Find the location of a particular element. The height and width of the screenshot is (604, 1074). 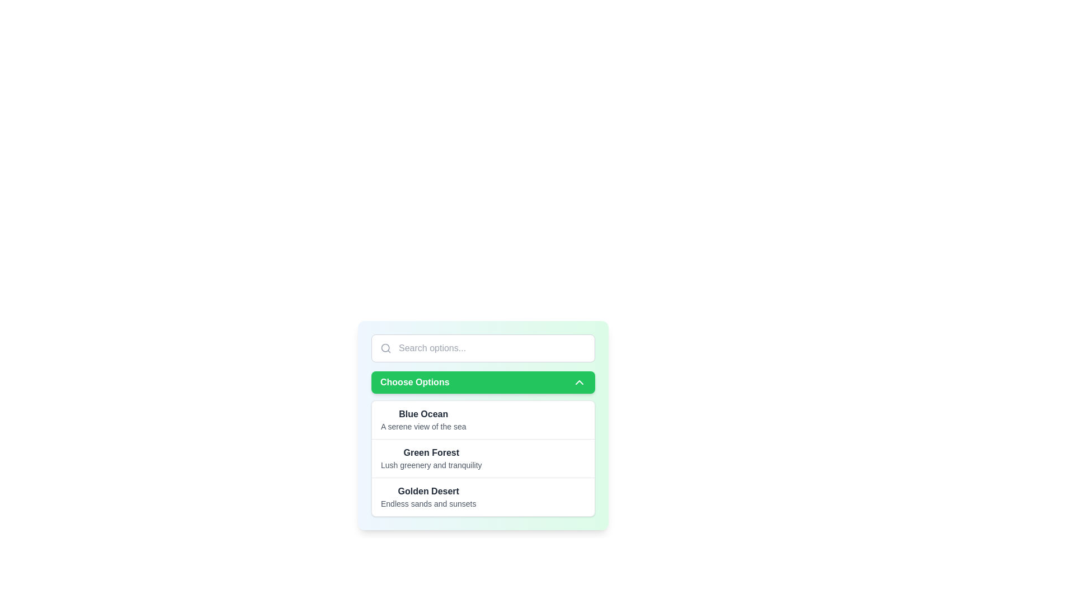

the list item labeled 'Golden Desert' is located at coordinates (483, 496).